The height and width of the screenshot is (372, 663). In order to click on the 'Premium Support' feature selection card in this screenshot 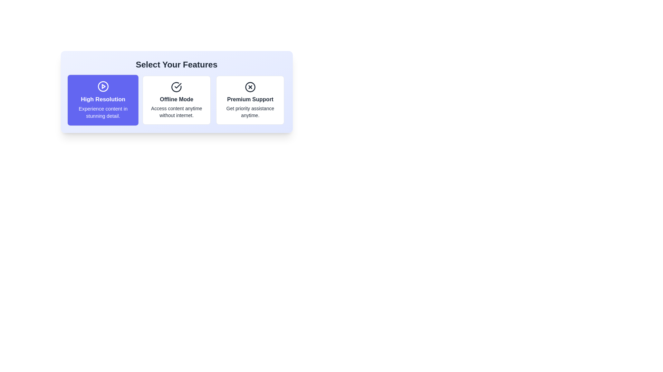, I will do `click(250, 100)`.